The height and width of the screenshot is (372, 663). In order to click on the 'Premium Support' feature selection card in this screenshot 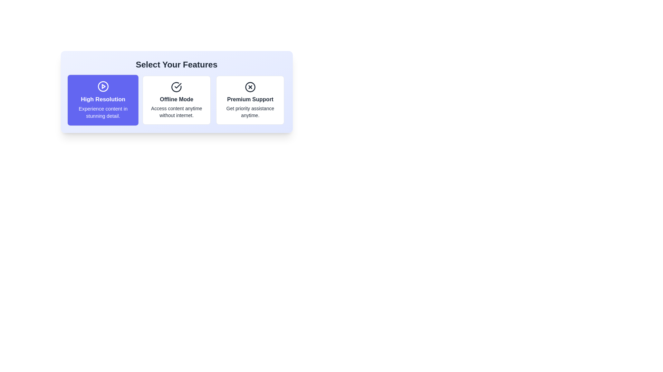, I will do `click(250, 100)`.